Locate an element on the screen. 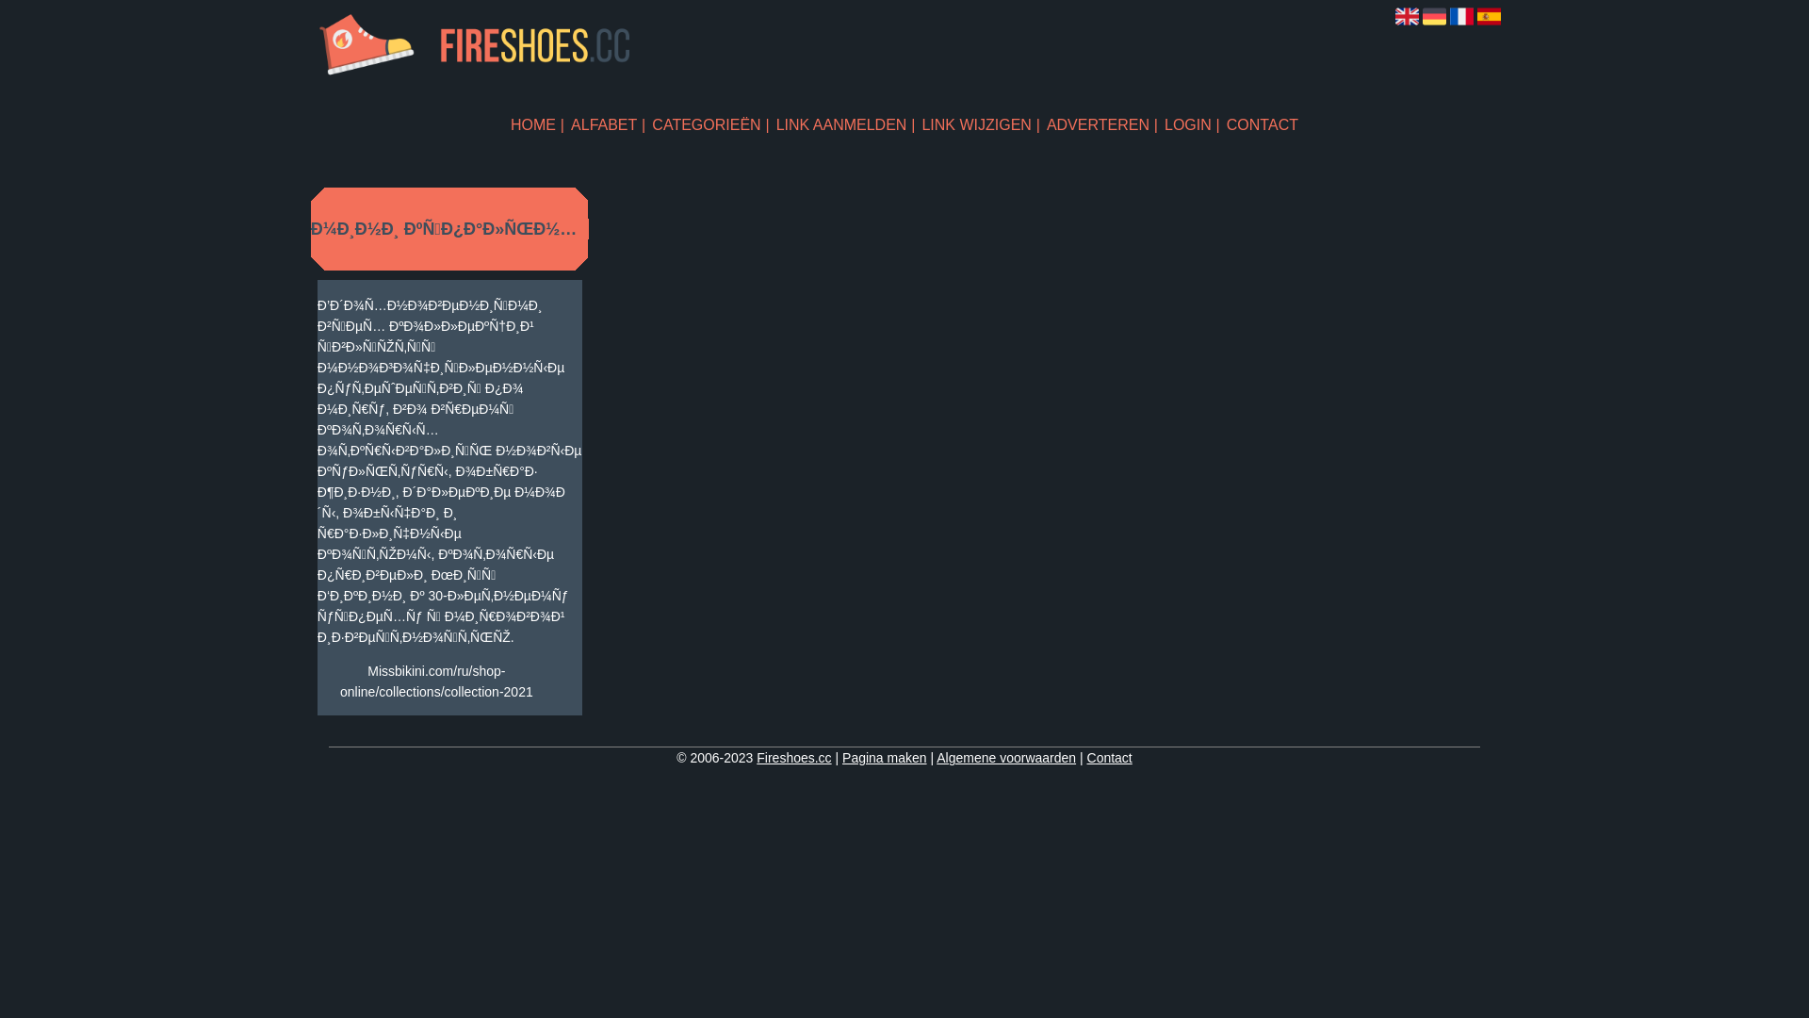 This screenshot has height=1018, width=1809. 'CONTACT' is located at coordinates (1226, 124).